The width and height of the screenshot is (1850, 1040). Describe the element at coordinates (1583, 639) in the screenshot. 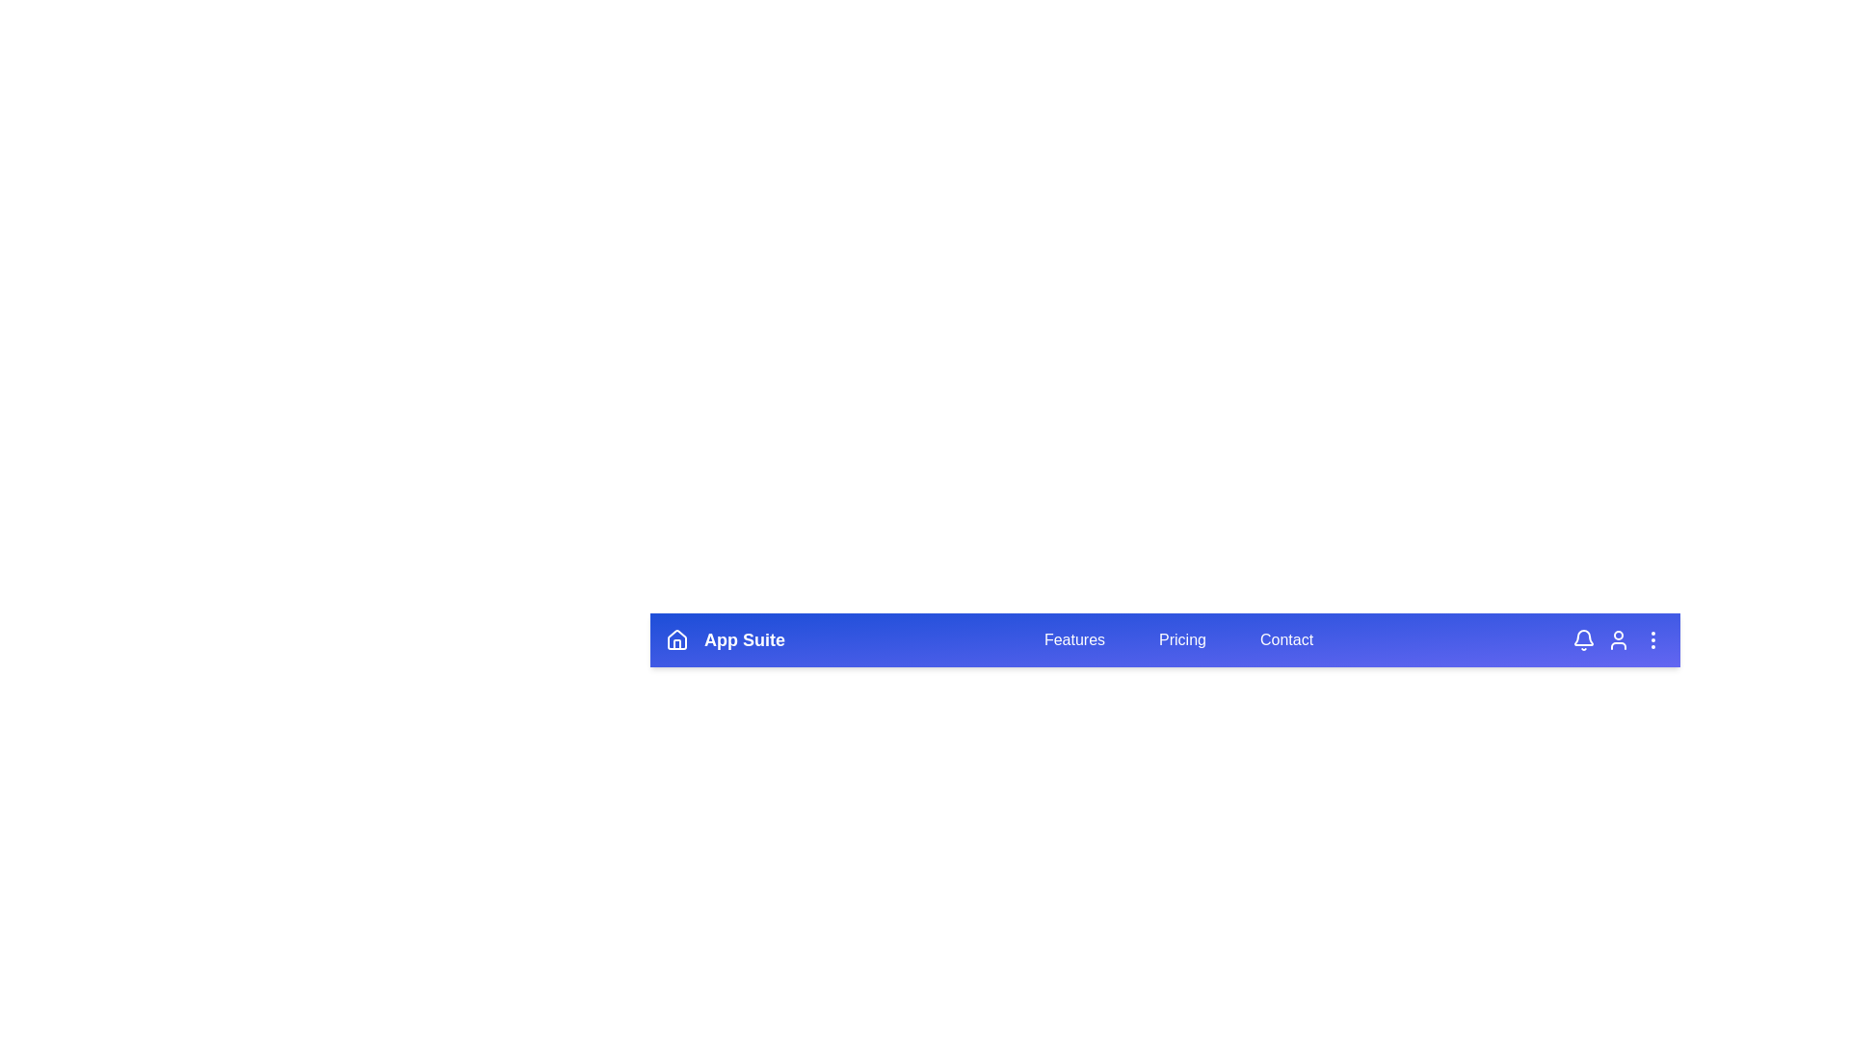

I see `the bell icon to view notifications` at that location.